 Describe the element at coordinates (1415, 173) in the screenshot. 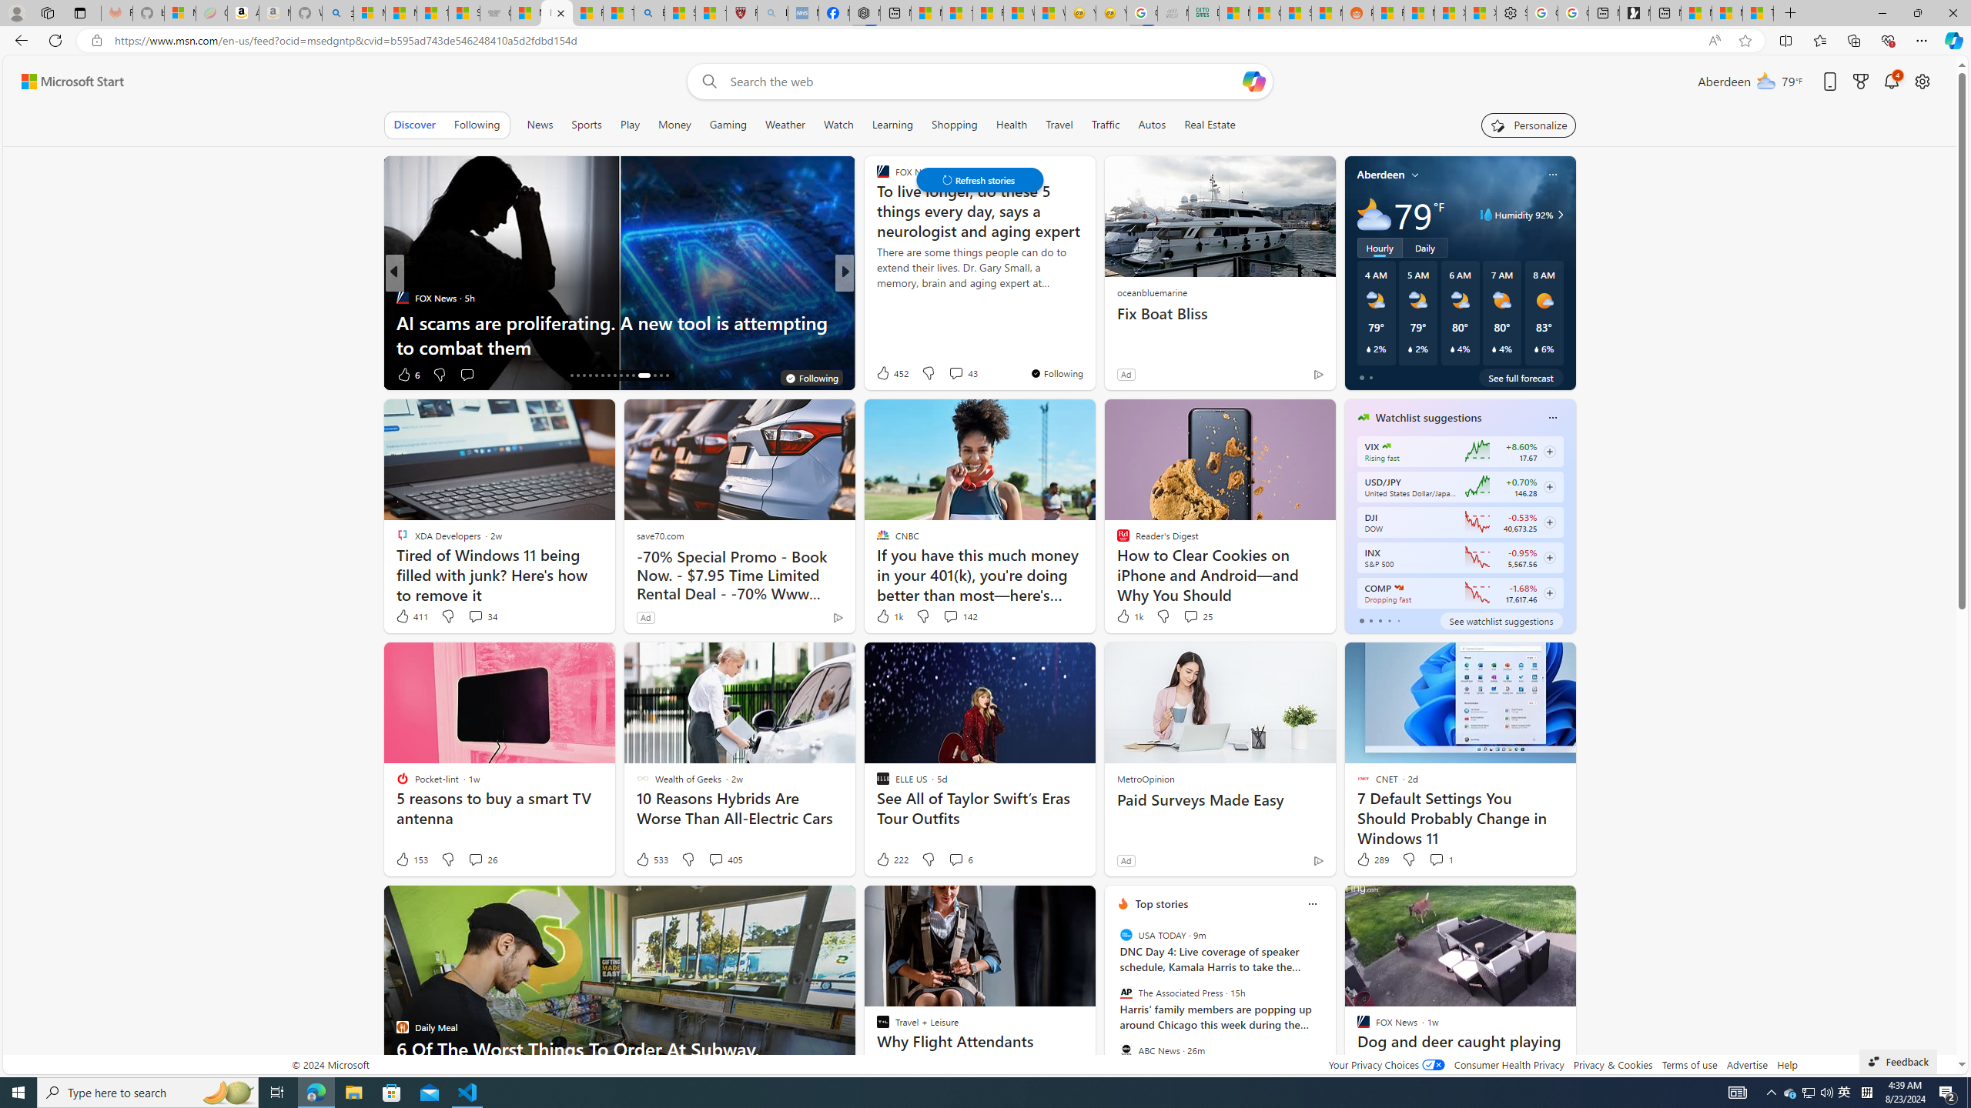

I see `'My location'` at that location.